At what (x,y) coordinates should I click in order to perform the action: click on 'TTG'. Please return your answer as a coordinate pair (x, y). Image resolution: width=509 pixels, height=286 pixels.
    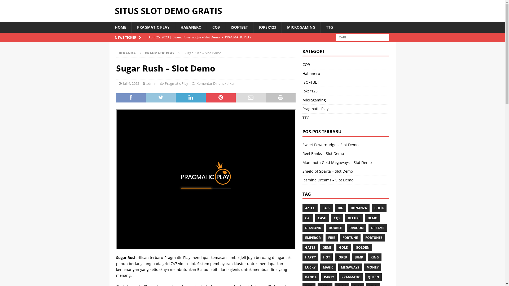
    Looking at the image, I should click on (302, 117).